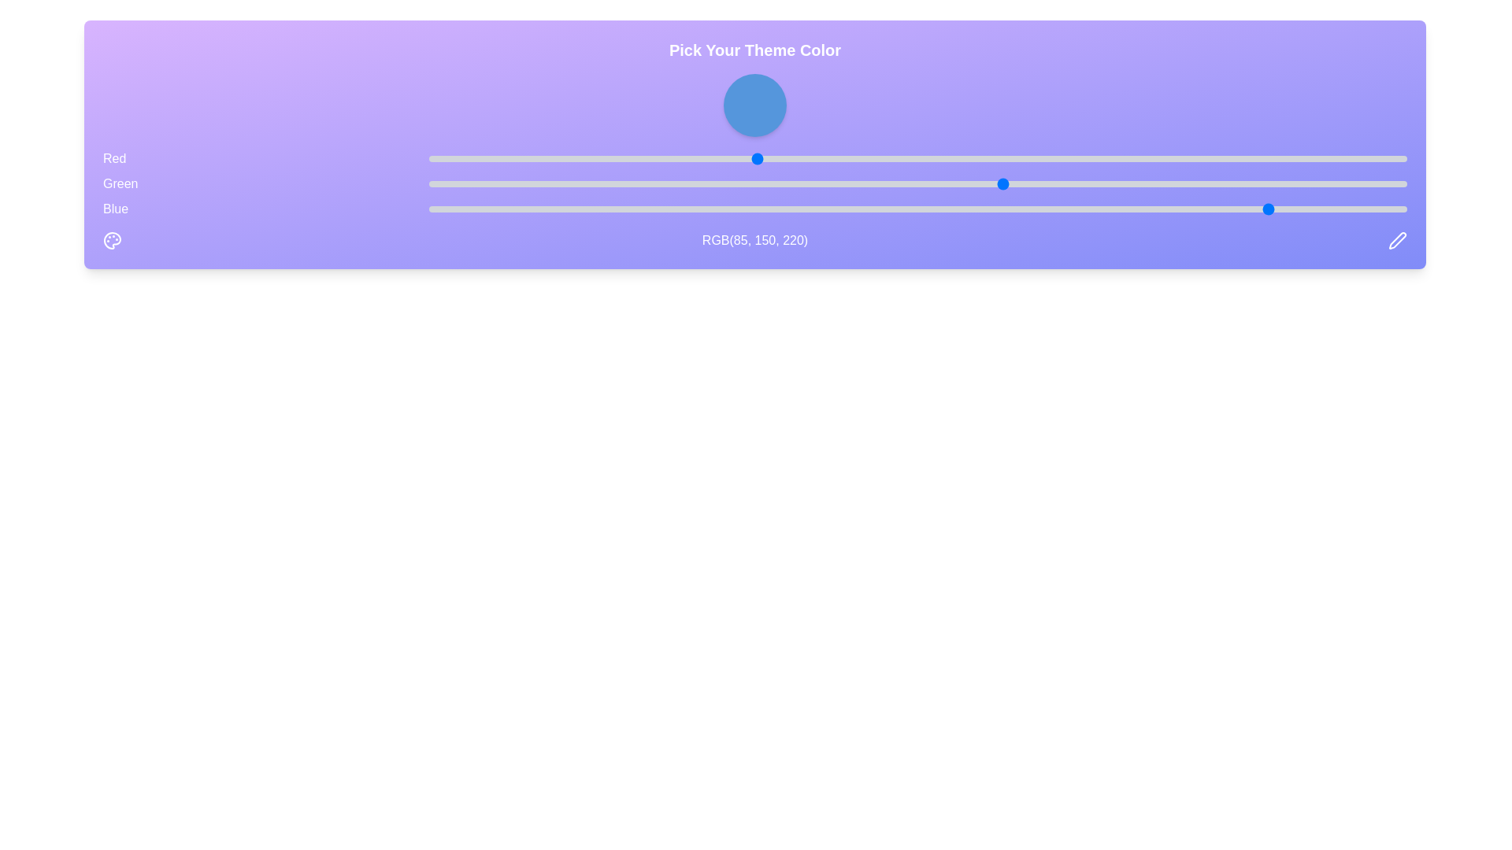  I want to click on the slider labeled 'Red', so click(754, 158).